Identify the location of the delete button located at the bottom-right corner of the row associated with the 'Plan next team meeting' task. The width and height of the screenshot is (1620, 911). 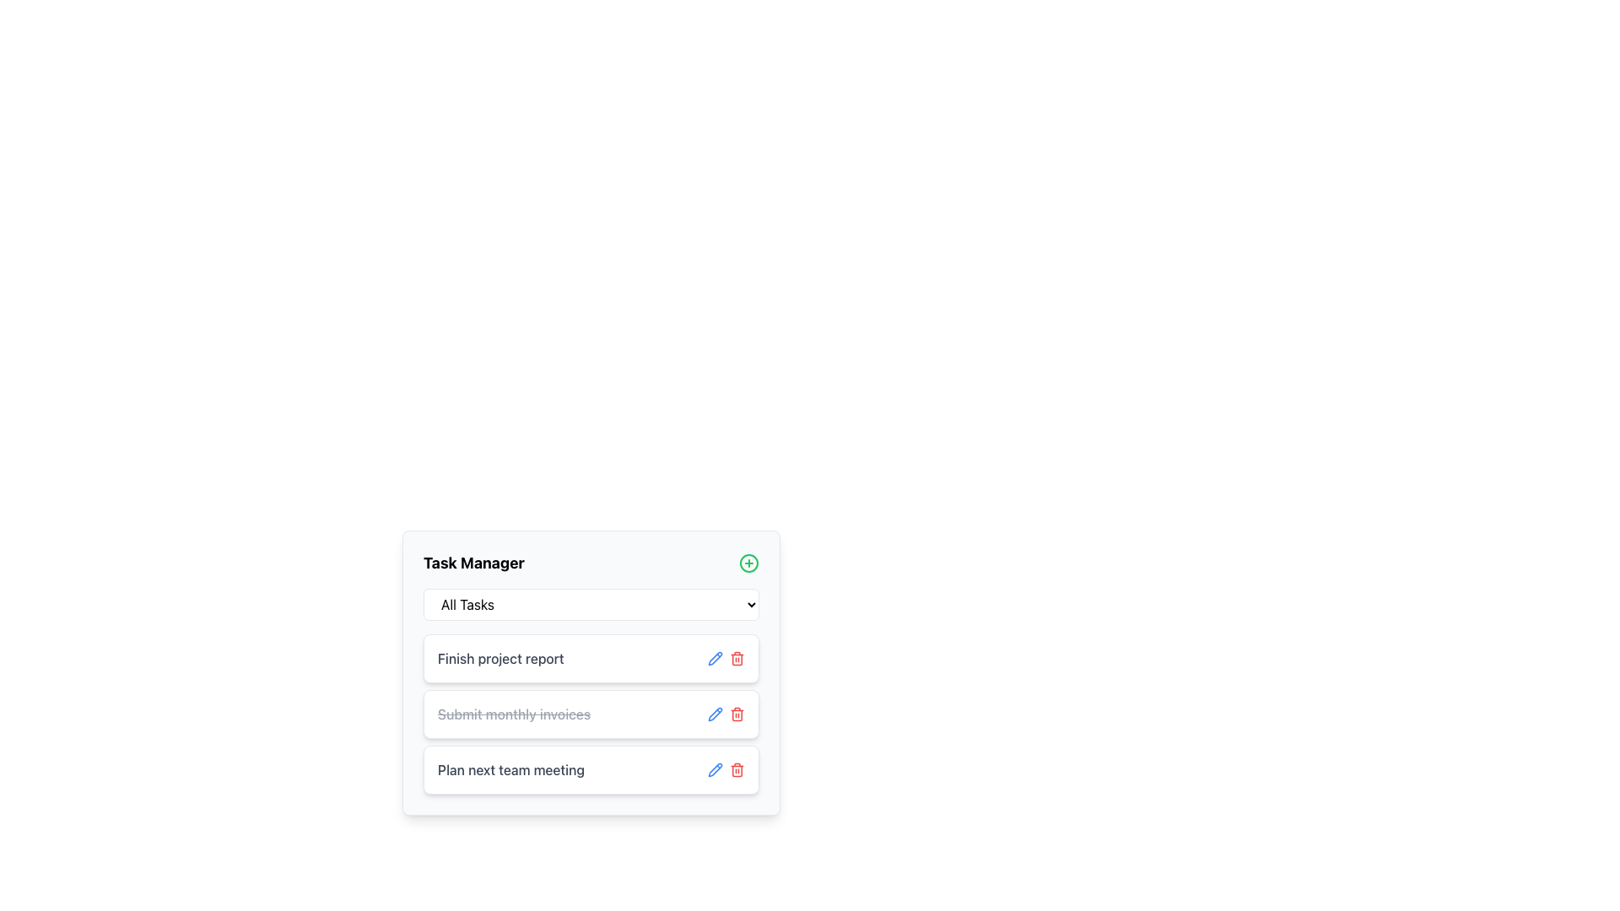
(737, 770).